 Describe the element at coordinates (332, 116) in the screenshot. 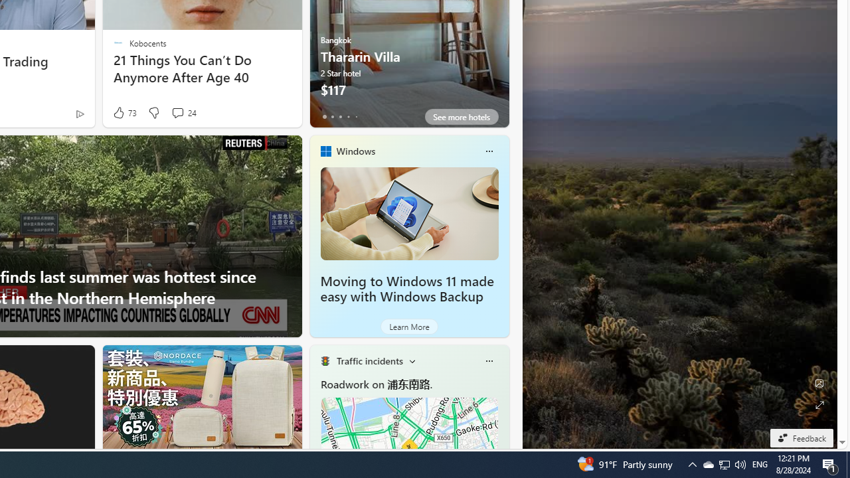

I see `'tab-1'` at that location.